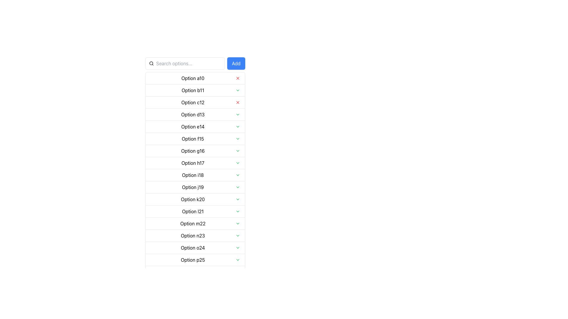  I want to click on the fifteenth selectable option in the dropdown list, positioned between 'Option n23' and 'Option p25', so click(195, 248).